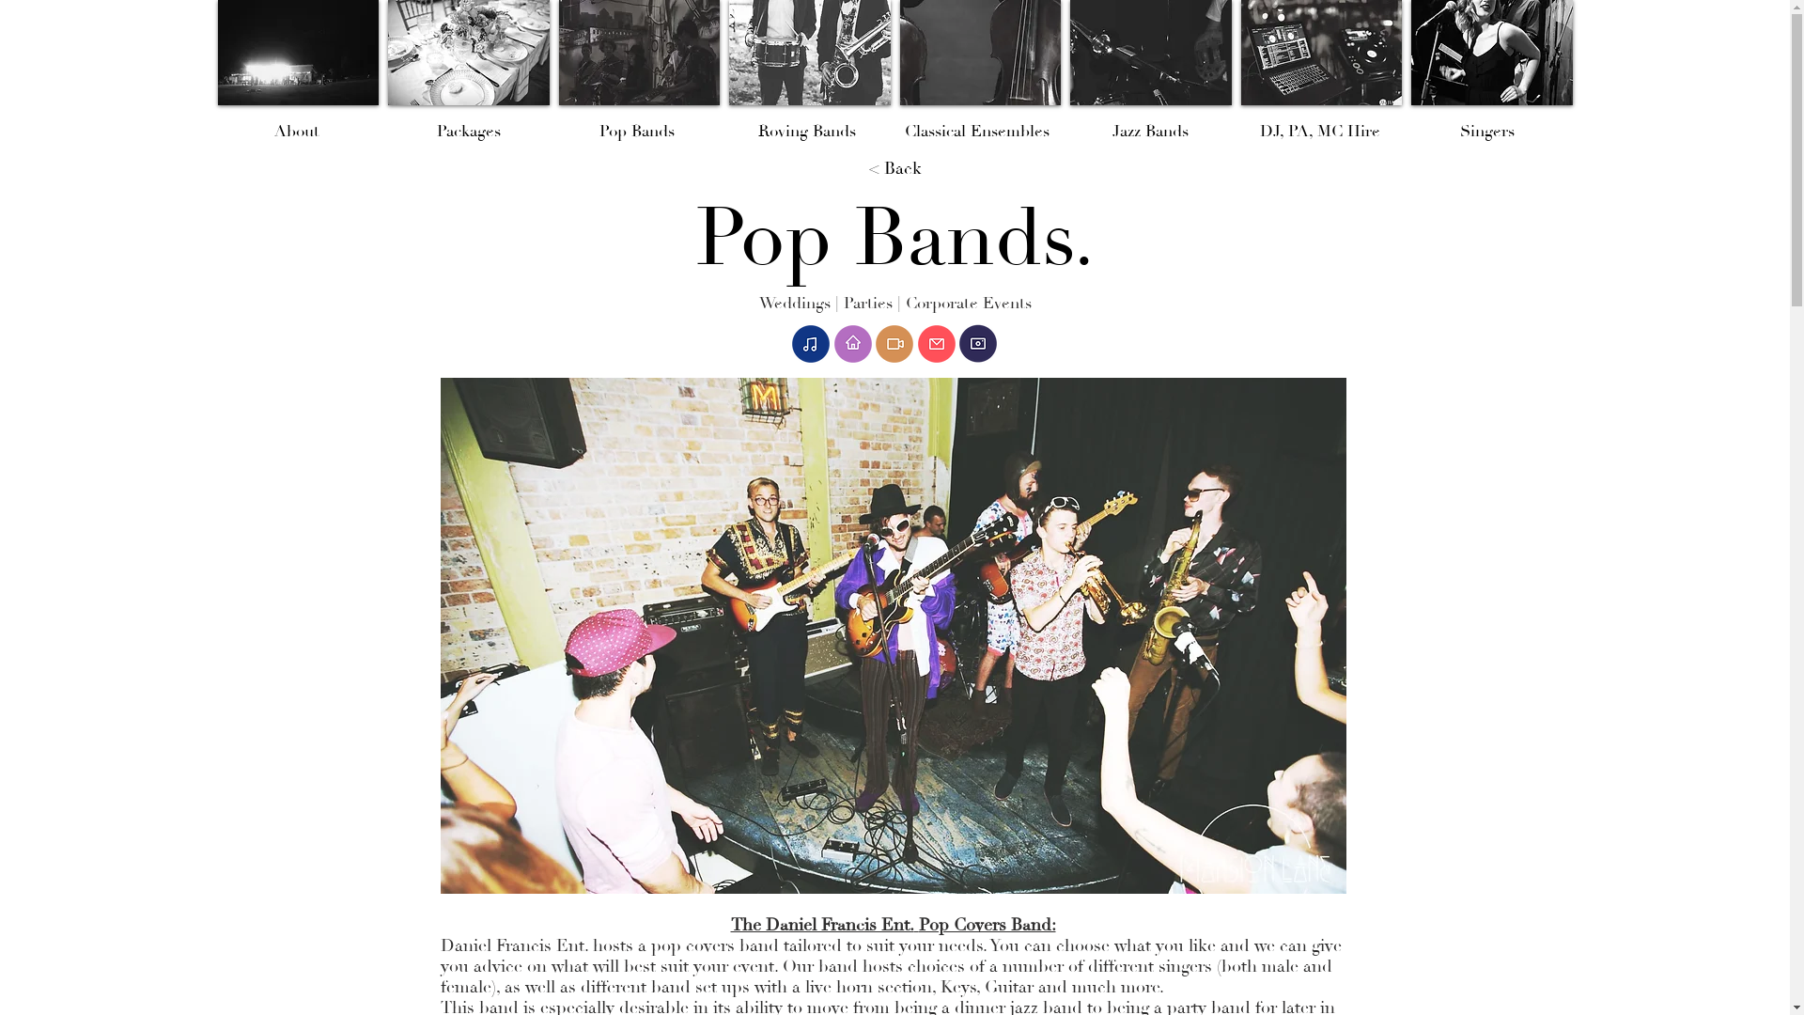  Describe the element at coordinates (1319, 130) in the screenshot. I see `'DJ, PA, MC Hire'` at that location.